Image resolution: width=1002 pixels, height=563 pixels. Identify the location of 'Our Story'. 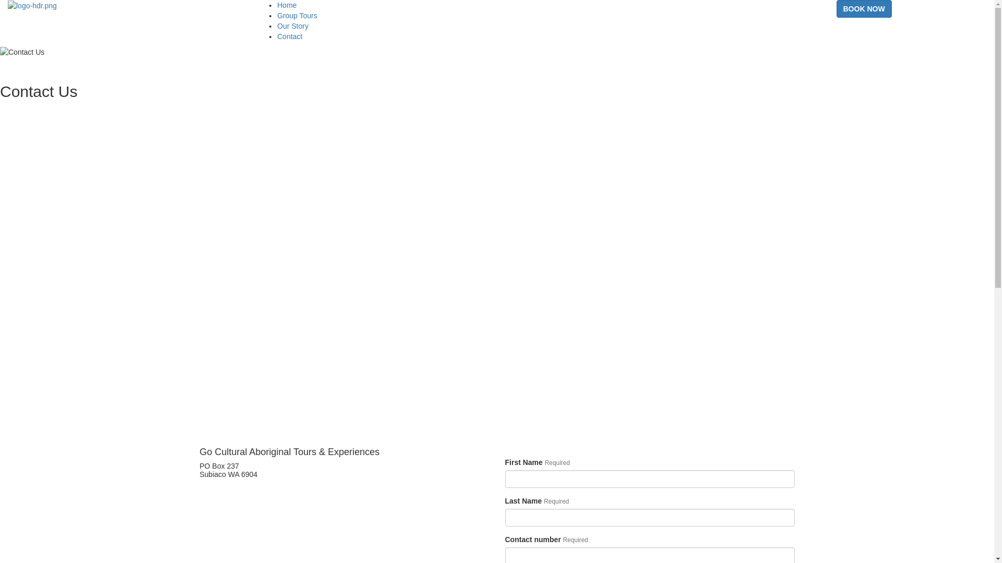
(292, 26).